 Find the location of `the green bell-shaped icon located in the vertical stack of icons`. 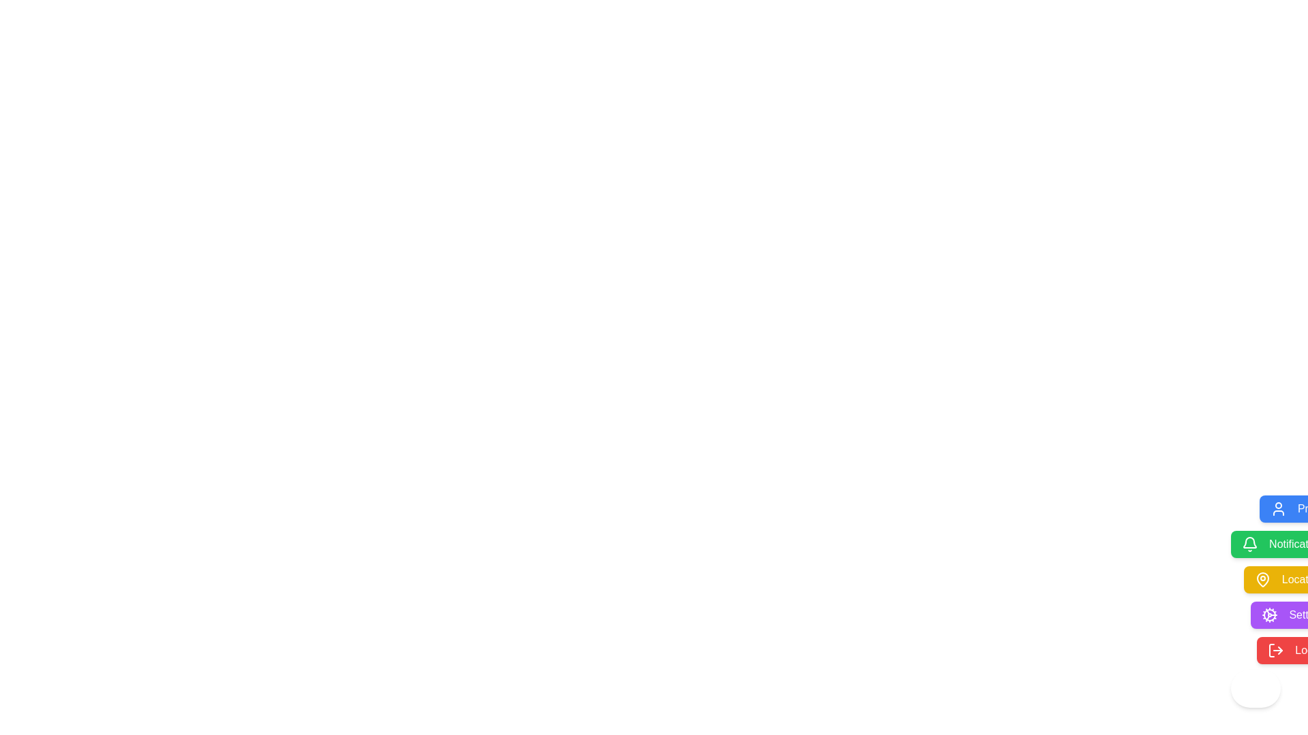

the green bell-shaped icon located in the vertical stack of icons is located at coordinates (1250, 542).